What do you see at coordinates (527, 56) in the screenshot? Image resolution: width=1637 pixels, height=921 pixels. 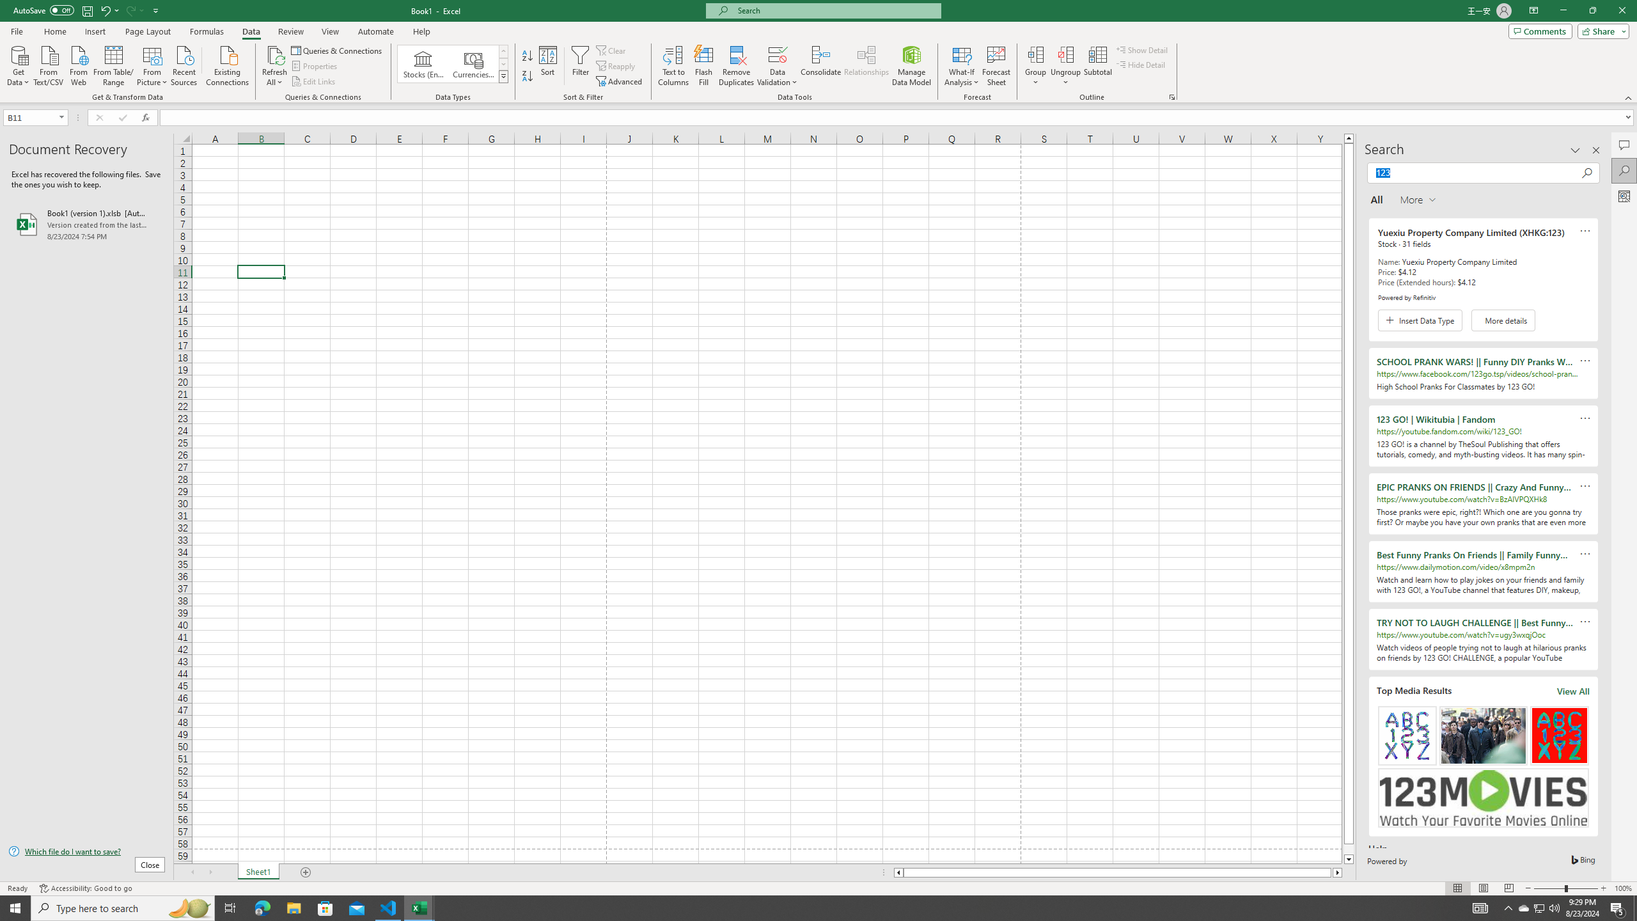 I see `'Sort A to Z'` at bounding box center [527, 56].